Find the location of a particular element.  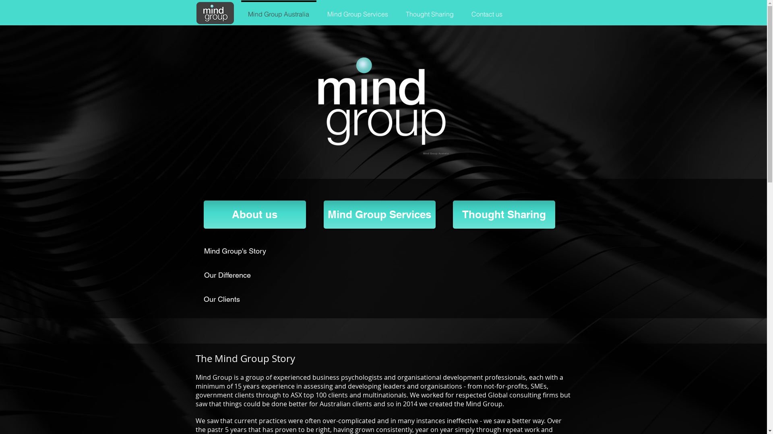

'Mind Group Australia' is located at coordinates (215, 13).